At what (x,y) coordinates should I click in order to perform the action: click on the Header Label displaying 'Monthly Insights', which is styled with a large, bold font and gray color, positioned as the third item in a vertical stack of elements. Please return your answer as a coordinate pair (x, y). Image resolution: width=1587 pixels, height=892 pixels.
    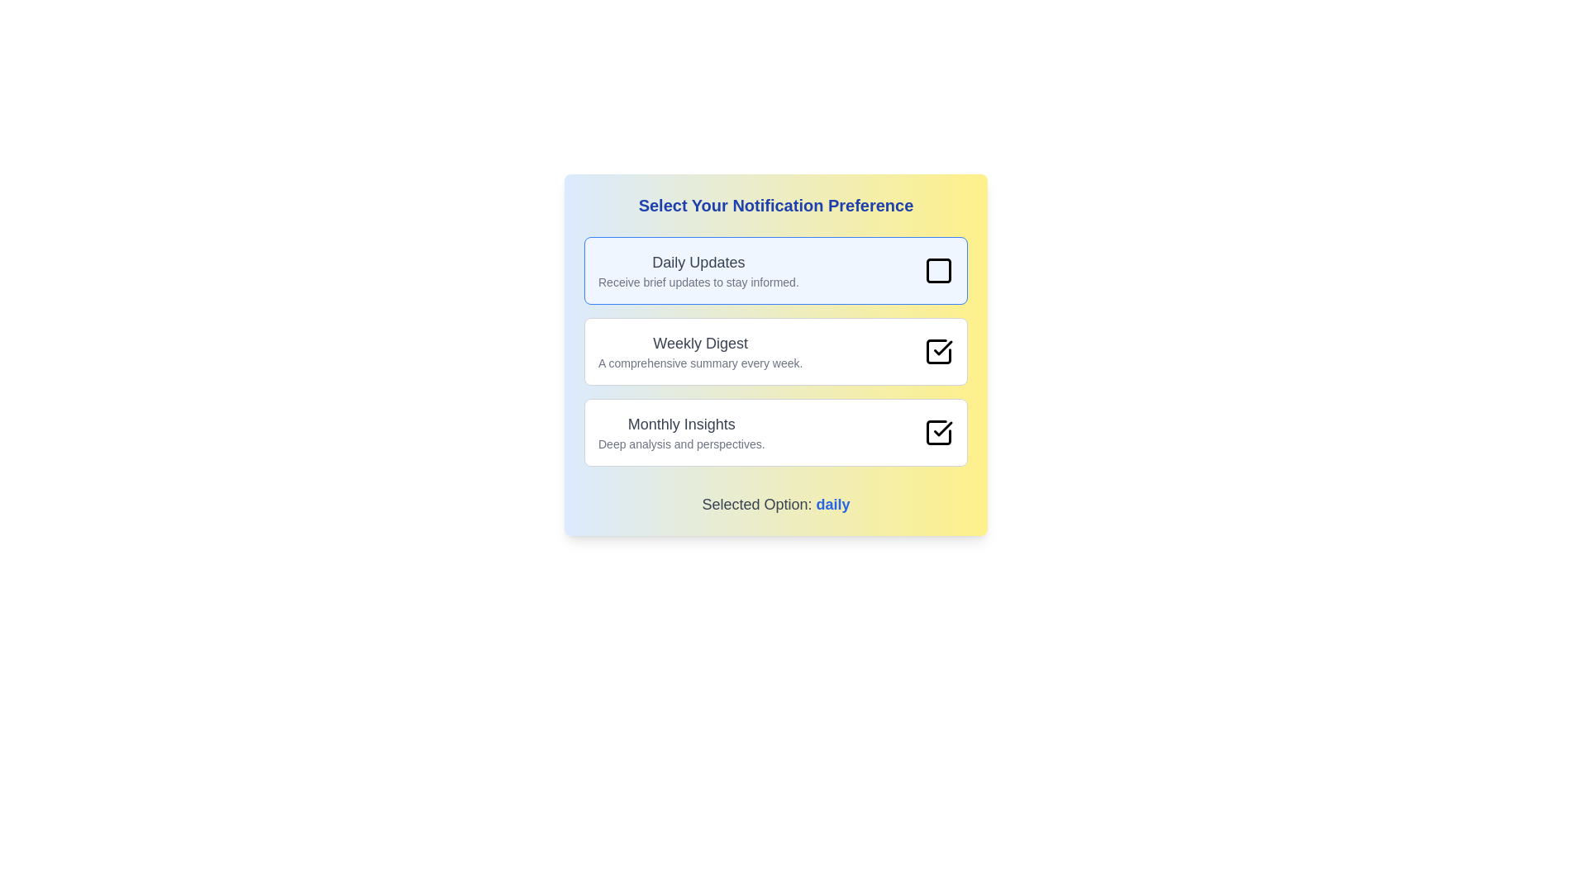
    Looking at the image, I should click on (681, 423).